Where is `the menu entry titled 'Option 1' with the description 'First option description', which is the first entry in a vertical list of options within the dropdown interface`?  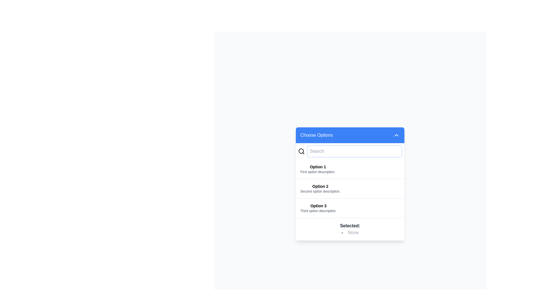 the menu entry titled 'Option 1' with the description 'First option description', which is the first entry in a vertical list of options within the dropdown interface is located at coordinates (318, 169).